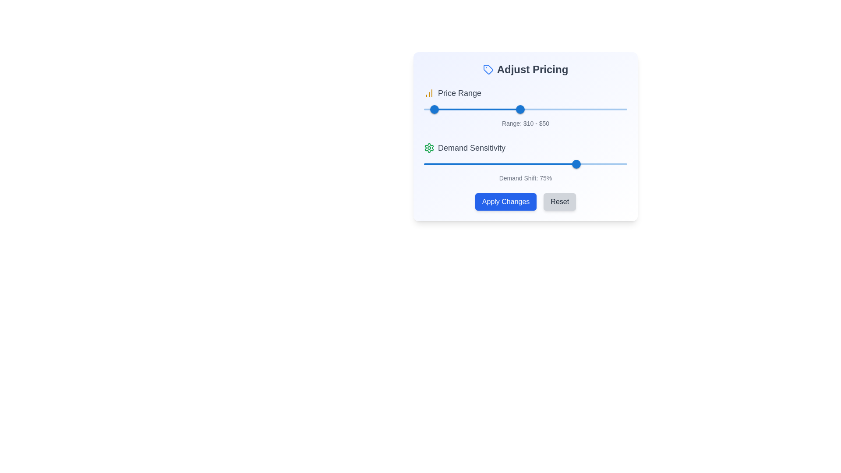 This screenshot has height=473, width=841. I want to click on the blue-colored tag-shaped icon located to the left of the 'Adjust Pricing' text in the interface, so click(488, 69).